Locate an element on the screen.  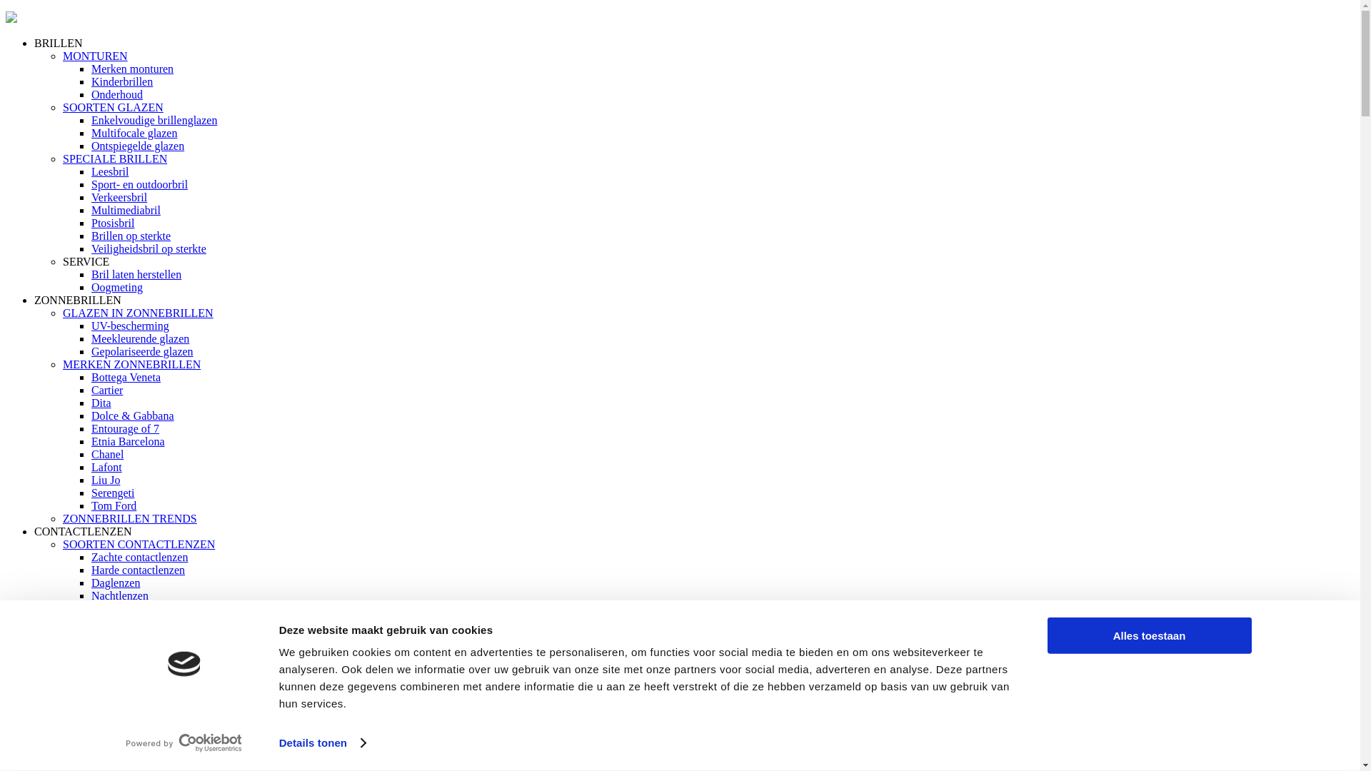
'Oogmeting' is located at coordinates (116, 762).